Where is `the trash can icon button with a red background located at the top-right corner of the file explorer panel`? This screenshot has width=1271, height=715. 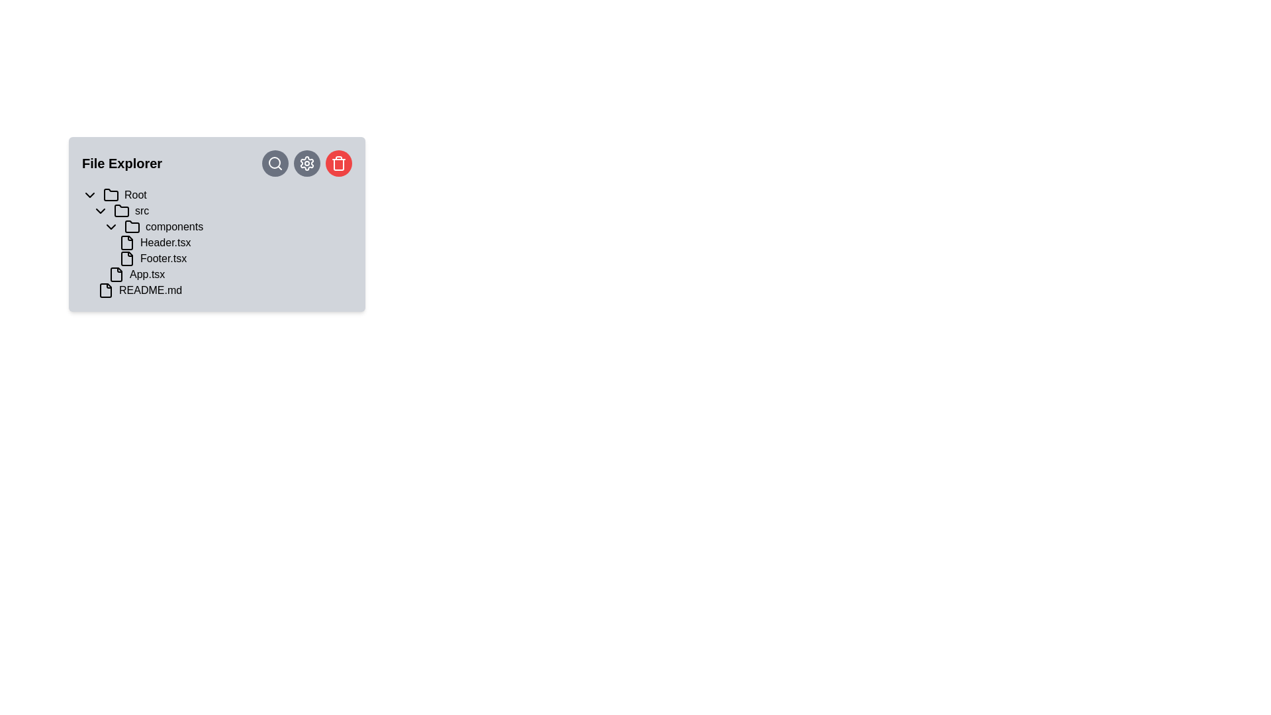
the trash can icon button with a red background located at the top-right corner of the file explorer panel is located at coordinates (339, 162).